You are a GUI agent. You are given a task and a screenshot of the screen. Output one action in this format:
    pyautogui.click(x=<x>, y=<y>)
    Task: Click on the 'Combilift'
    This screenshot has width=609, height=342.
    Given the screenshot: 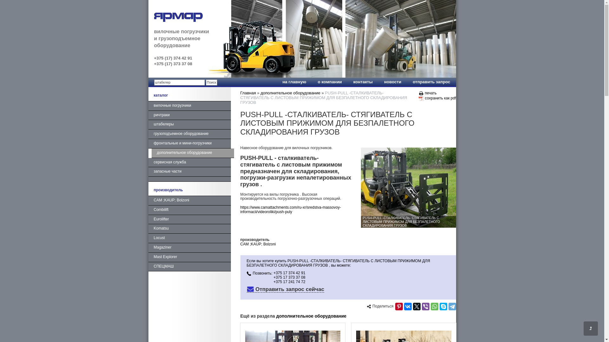 What is the action you would take?
    pyautogui.click(x=189, y=210)
    